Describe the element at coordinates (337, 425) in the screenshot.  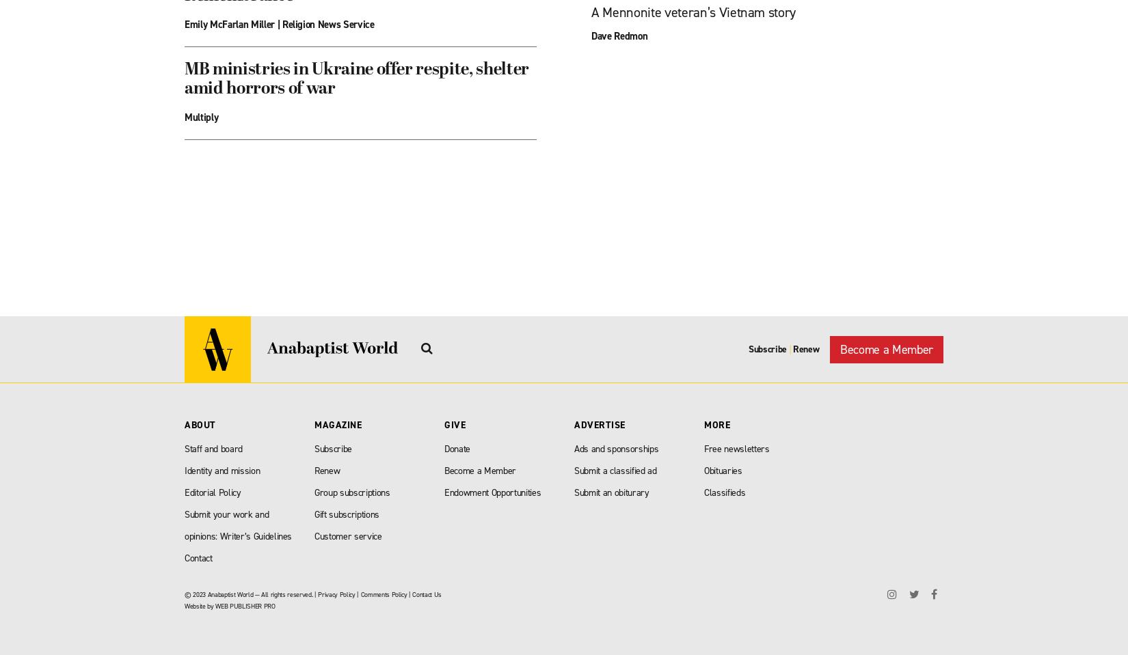
I see `'MAGAZINE'` at that location.